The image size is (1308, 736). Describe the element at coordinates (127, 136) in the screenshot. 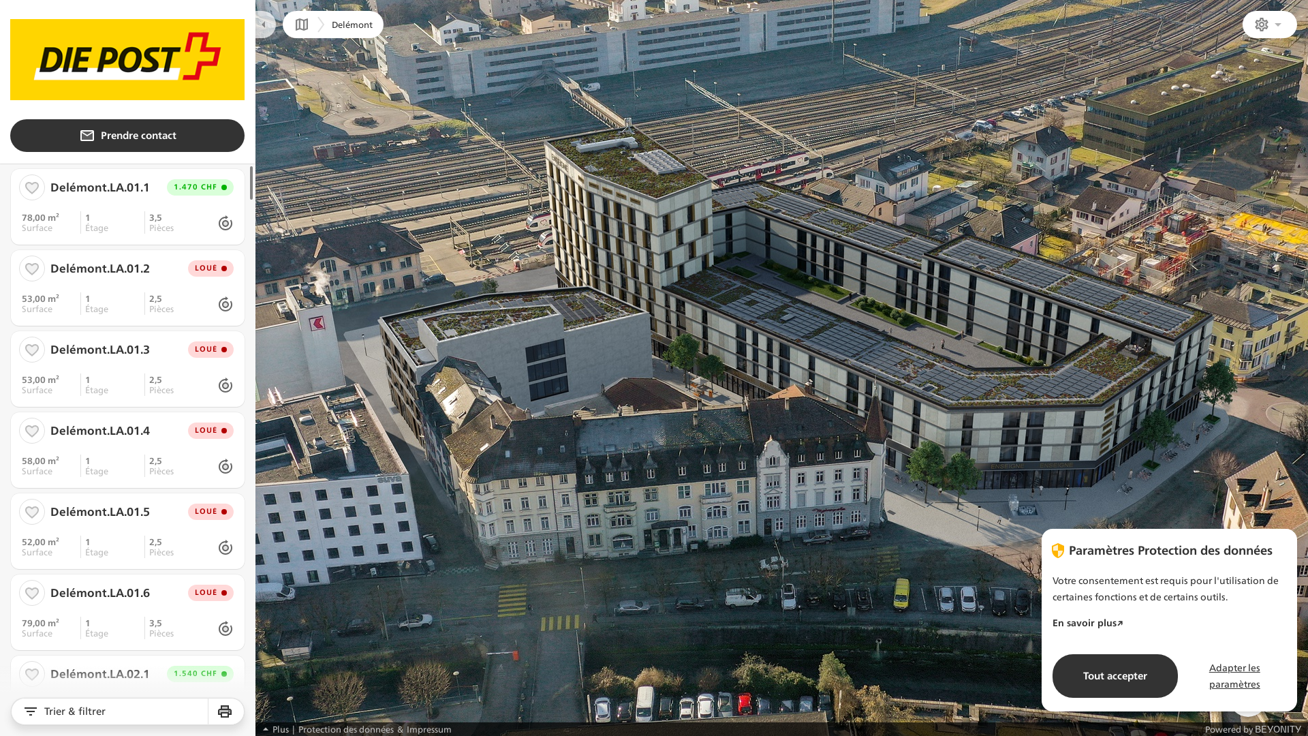

I see `'Prendre contact'` at that location.